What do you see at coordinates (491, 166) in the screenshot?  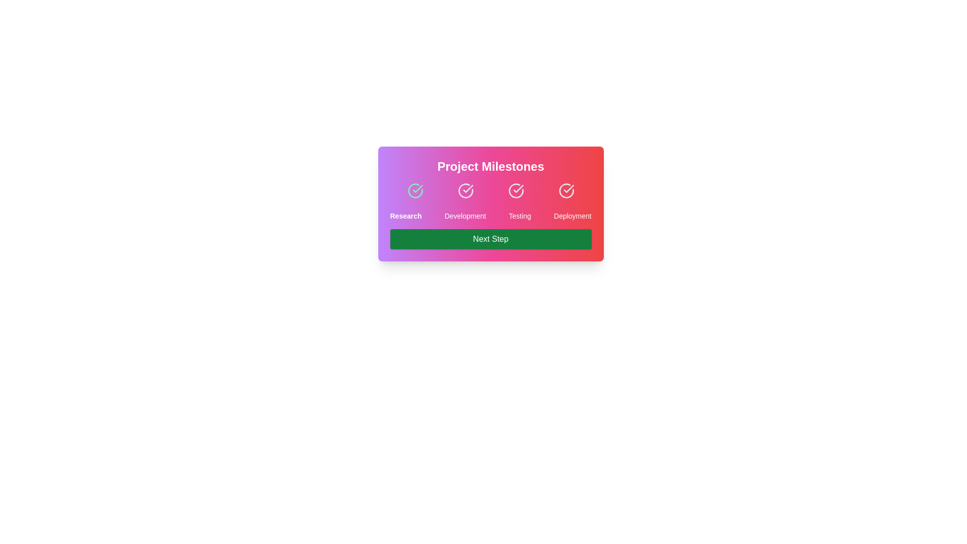 I see `heading text located at the center top of the panel, which serves as the title or primary focus of the content below it` at bounding box center [491, 166].